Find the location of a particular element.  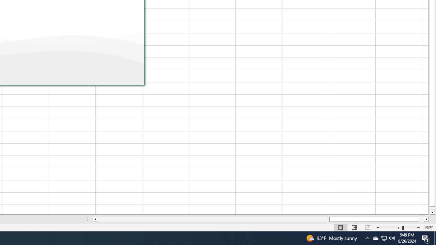

'Action Center, 1 new notification' is located at coordinates (426, 238).